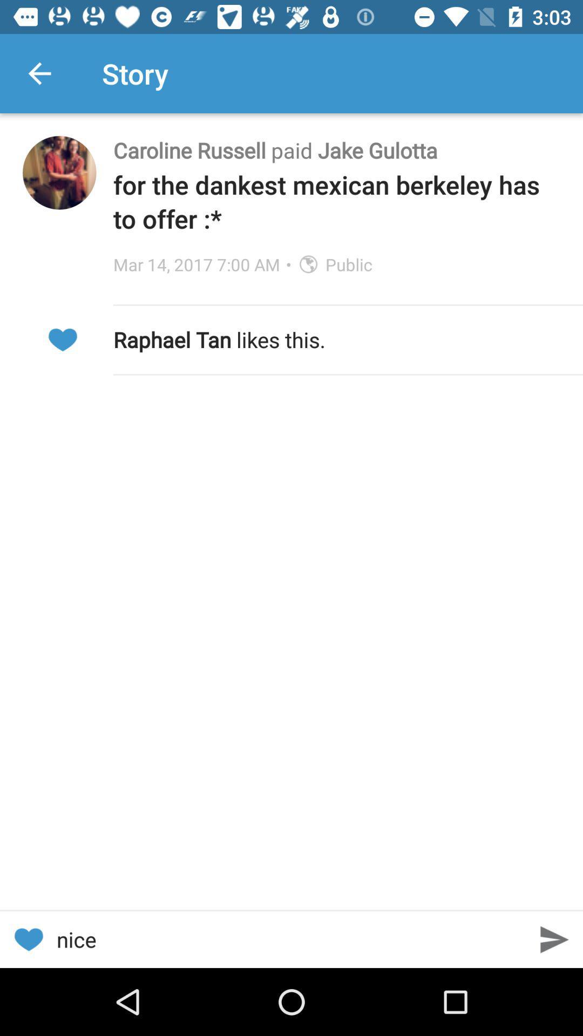  What do you see at coordinates (554, 939) in the screenshot?
I see `click the send arrow` at bounding box center [554, 939].